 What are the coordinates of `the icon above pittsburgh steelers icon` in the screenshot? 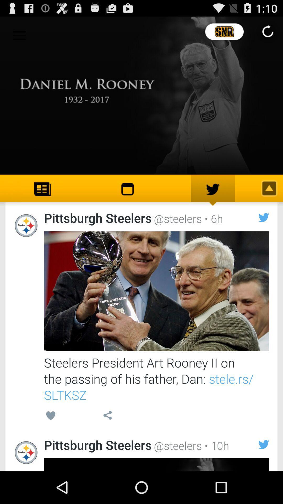 It's located at (107, 416).